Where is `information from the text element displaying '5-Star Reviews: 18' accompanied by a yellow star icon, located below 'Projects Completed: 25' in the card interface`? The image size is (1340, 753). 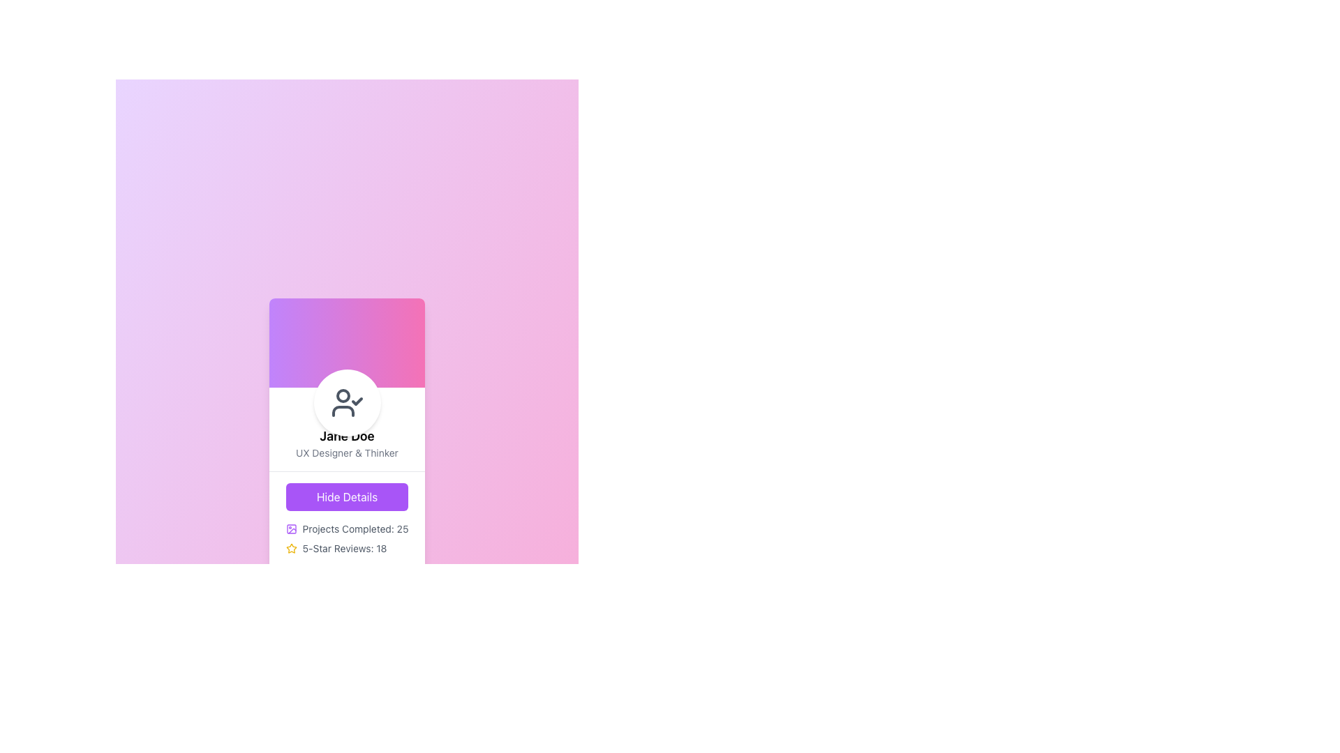
information from the text element displaying '5-Star Reviews: 18' accompanied by a yellow star icon, located below 'Projects Completed: 25' in the card interface is located at coordinates (347, 547).